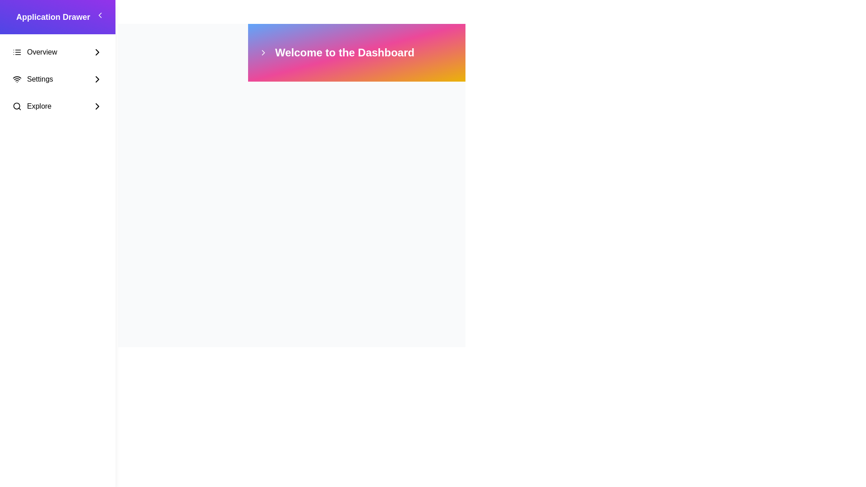 The image size is (866, 487). I want to click on the 'Overview' text element located in the left-hand menu underneath 'Application Drawer.', so click(41, 52).